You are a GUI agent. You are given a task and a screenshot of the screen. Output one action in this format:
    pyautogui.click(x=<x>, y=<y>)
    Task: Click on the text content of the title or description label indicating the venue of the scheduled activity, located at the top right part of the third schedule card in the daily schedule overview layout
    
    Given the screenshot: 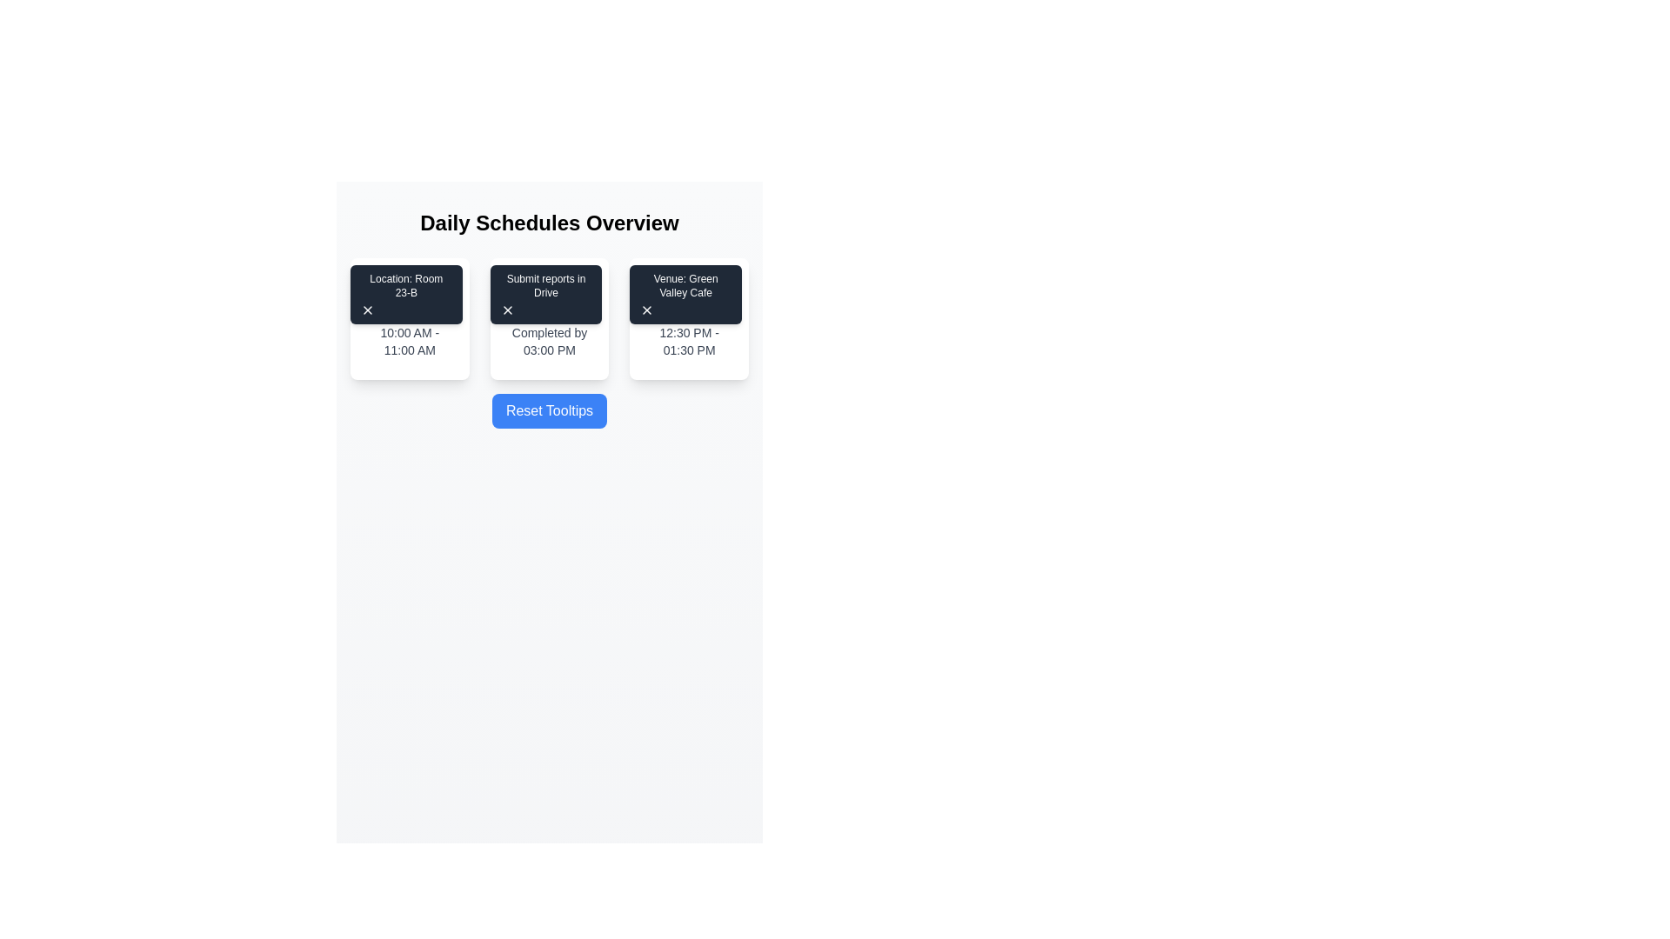 What is the action you would take?
    pyautogui.click(x=685, y=284)
    